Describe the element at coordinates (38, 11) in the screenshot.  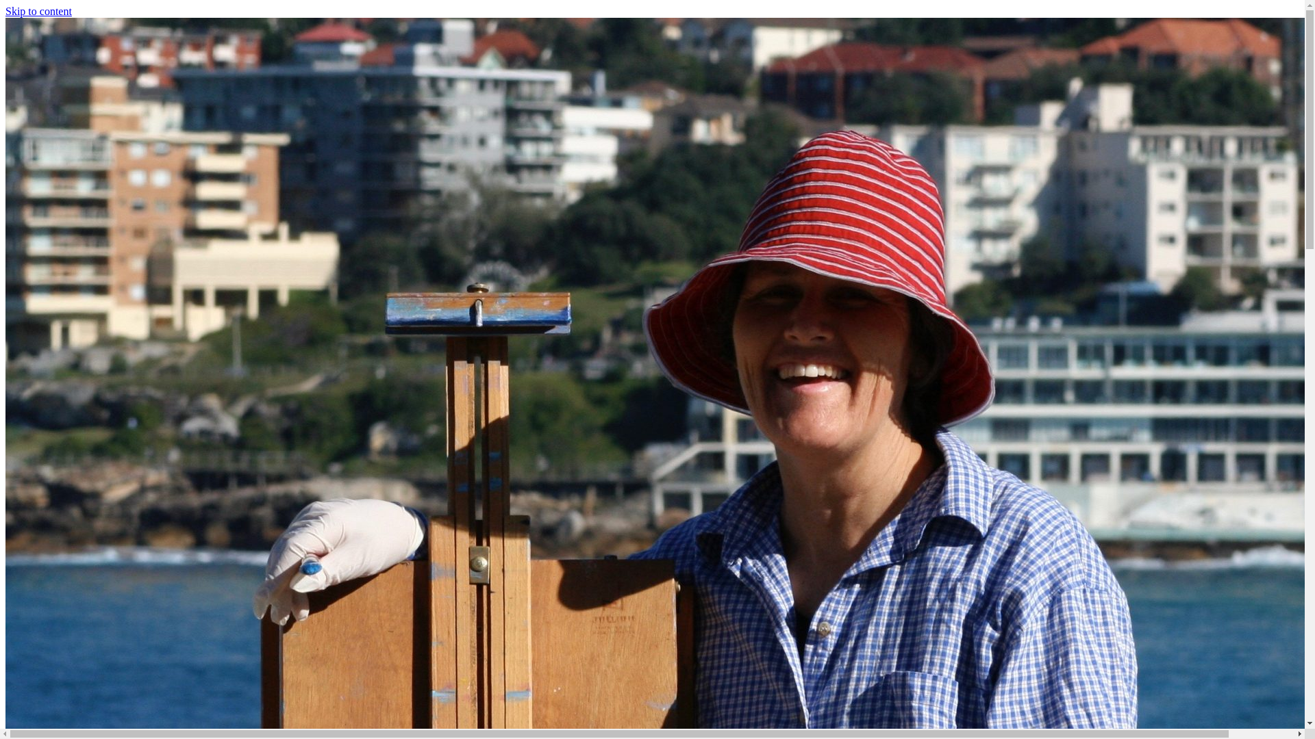
I see `'Skip to content'` at that location.